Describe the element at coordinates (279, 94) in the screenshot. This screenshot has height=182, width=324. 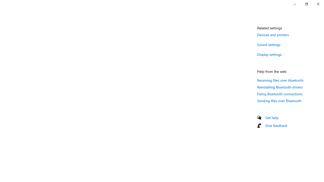
I see `'Fixing Bluetooth connections'` at that location.